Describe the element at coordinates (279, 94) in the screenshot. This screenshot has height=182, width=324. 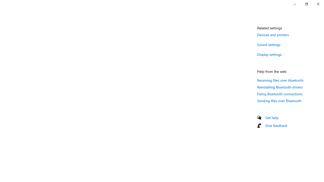
I see `'Fixing Bluetooth connections'` at that location.